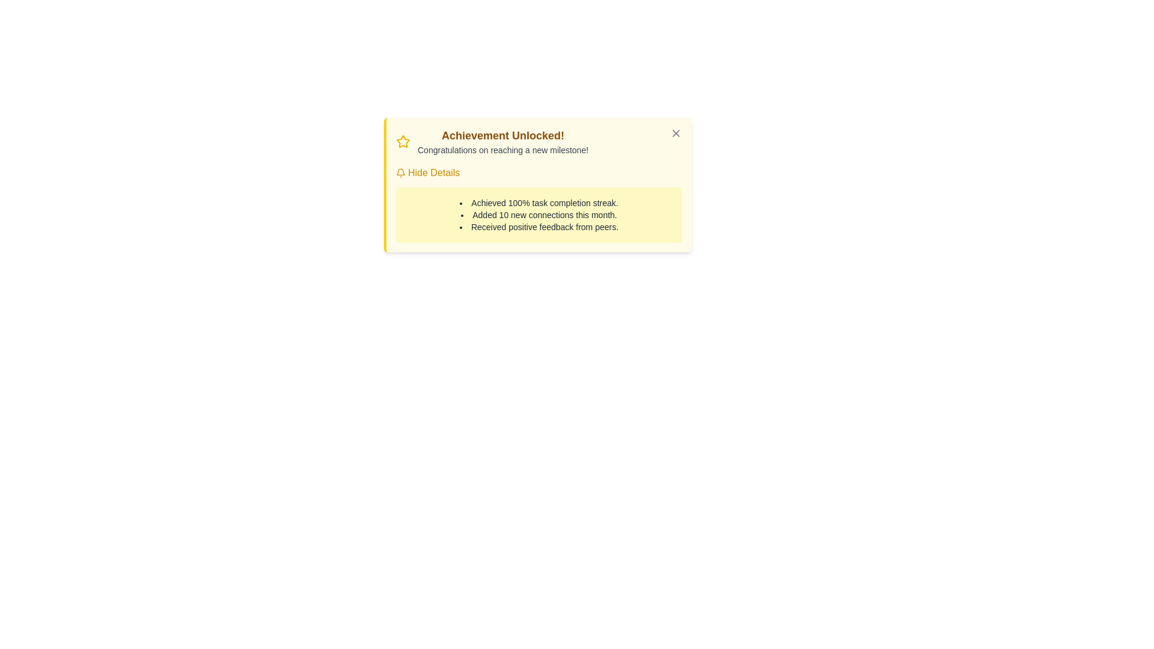 This screenshot has width=1154, height=649. Describe the element at coordinates (539, 203) in the screenshot. I see `text element displaying 'Achieved 100% task completion streak.' which is the first item in the bulleted list under 'Achievement Unlocked!'` at that location.